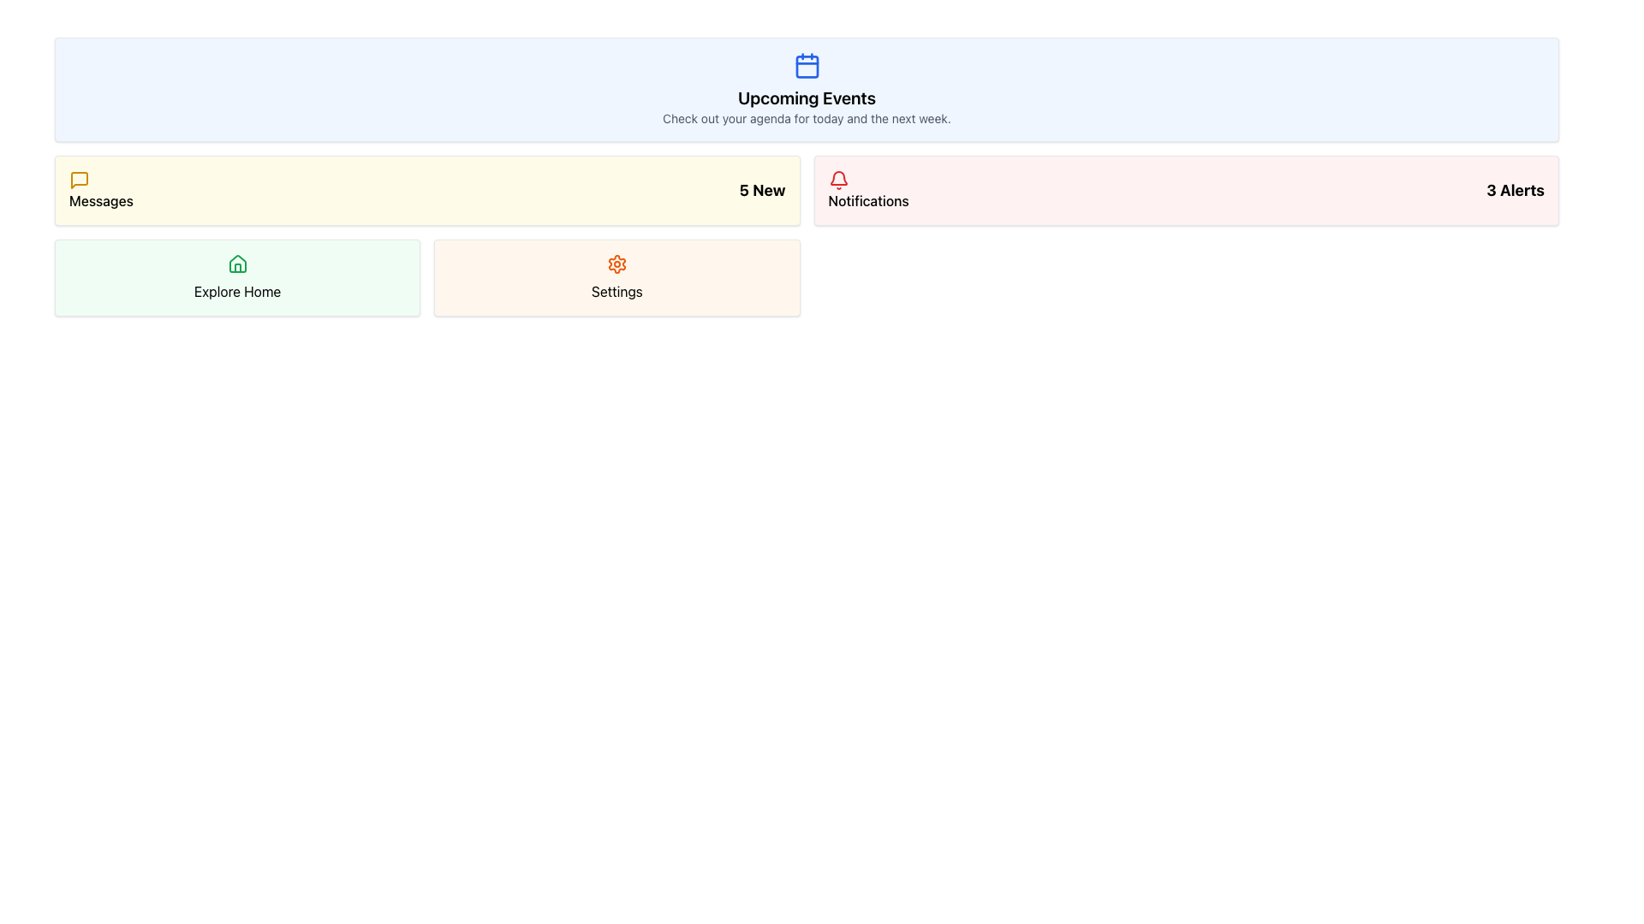  I want to click on the static text 'Explore Home' which is centered in a light green rectangular card located at the bottom section of the interface, below a house icon, so click(236, 290).